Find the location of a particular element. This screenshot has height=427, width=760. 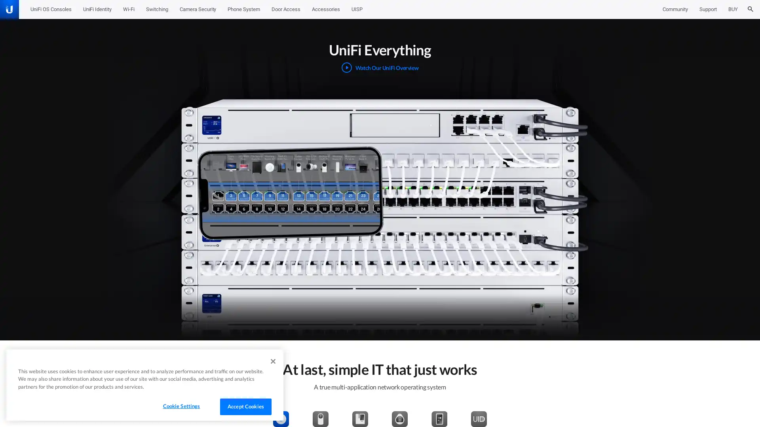

Close is located at coordinates (273, 363).